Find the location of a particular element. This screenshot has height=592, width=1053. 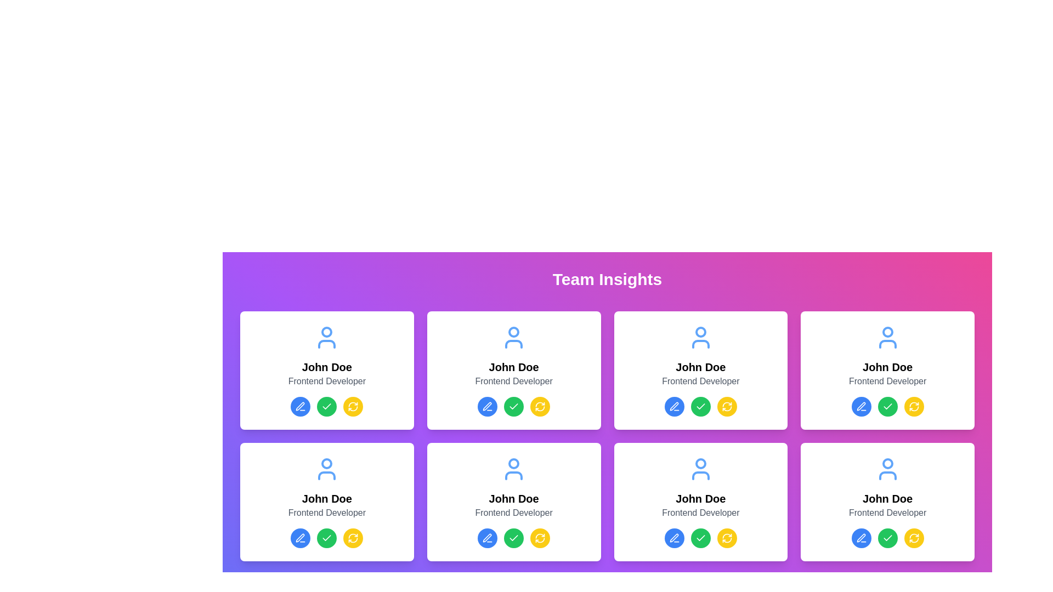

the circular yellow refresh icon located at the bottom right corner of the user profile card is located at coordinates (914, 406).